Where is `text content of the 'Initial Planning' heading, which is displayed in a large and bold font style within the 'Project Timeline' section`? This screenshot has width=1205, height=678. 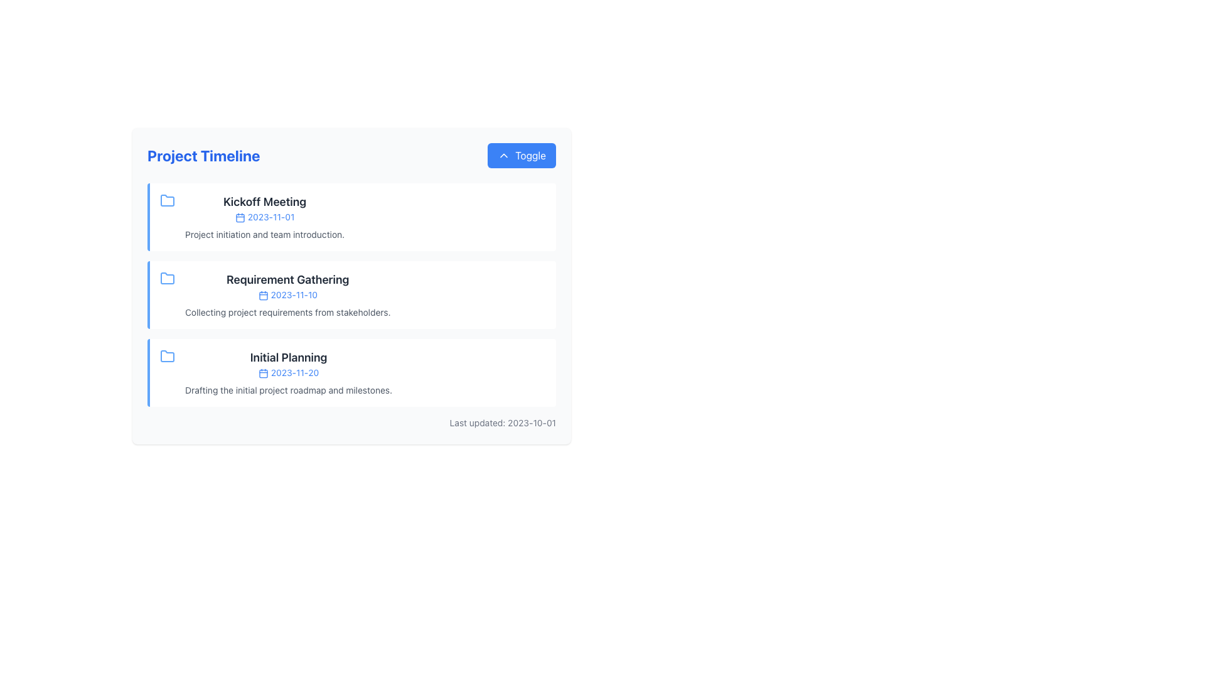 text content of the 'Initial Planning' heading, which is displayed in a large and bold font style within the 'Project Timeline' section is located at coordinates (288, 358).